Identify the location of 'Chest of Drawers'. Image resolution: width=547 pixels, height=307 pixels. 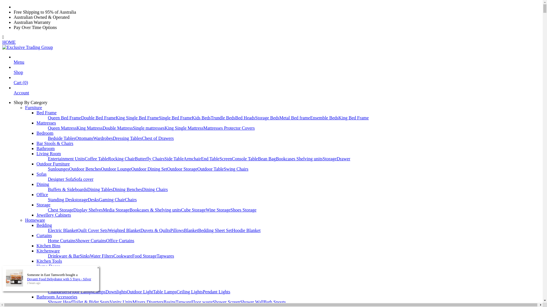
(158, 138).